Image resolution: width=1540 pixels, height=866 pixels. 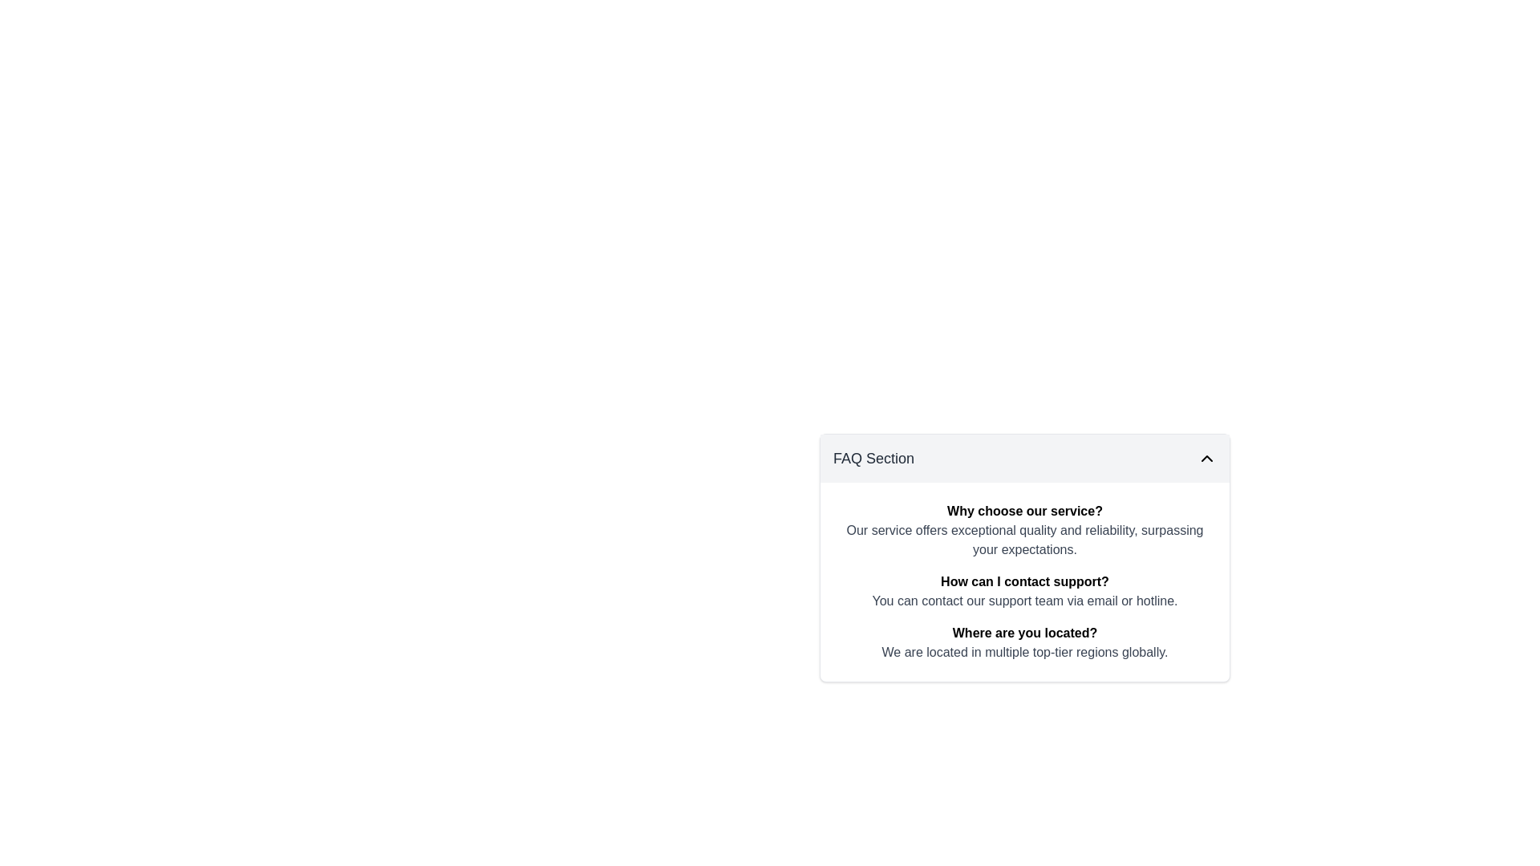 What do you see at coordinates (1023, 652) in the screenshot?
I see `the text component styled in a grayish font that reads 'We are located in multiple top-tier regions globally.', located below the bold title 'Where are you located?' in the FAQ section` at bounding box center [1023, 652].